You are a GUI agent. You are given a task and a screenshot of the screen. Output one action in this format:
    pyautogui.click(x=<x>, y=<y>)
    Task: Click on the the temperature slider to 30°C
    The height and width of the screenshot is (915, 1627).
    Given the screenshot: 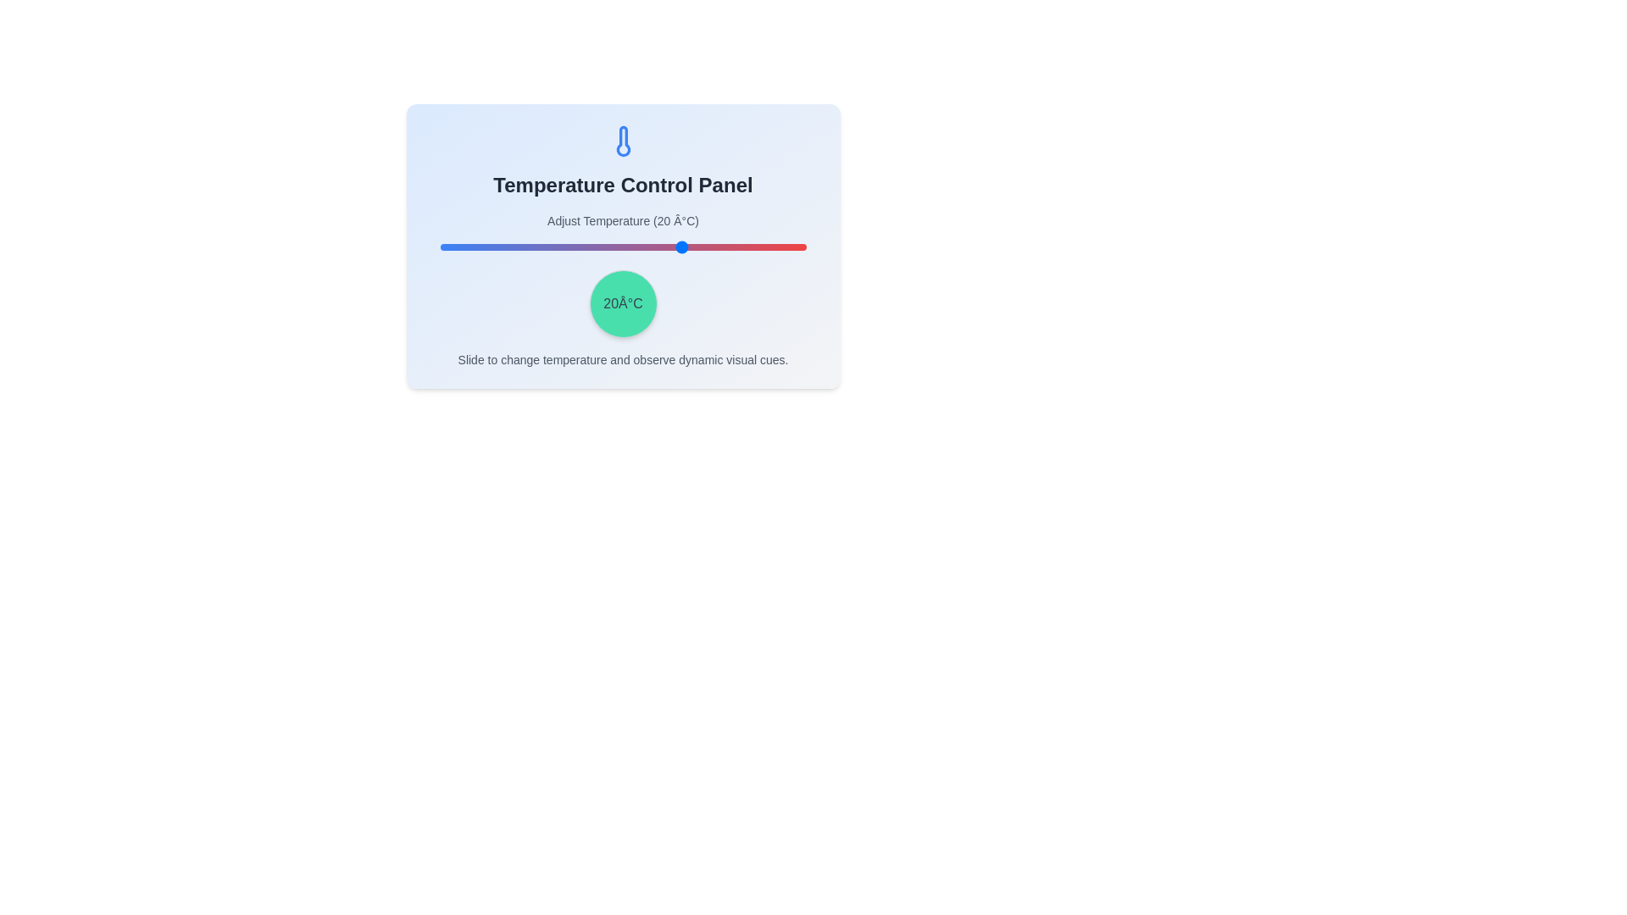 What is the action you would take?
    pyautogui.click(x=725, y=247)
    